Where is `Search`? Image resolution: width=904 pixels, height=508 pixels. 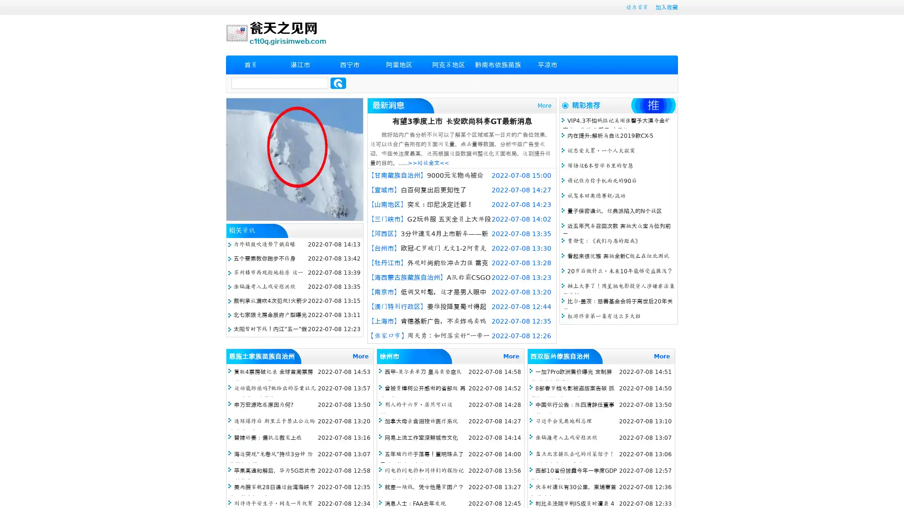
Search is located at coordinates (338, 83).